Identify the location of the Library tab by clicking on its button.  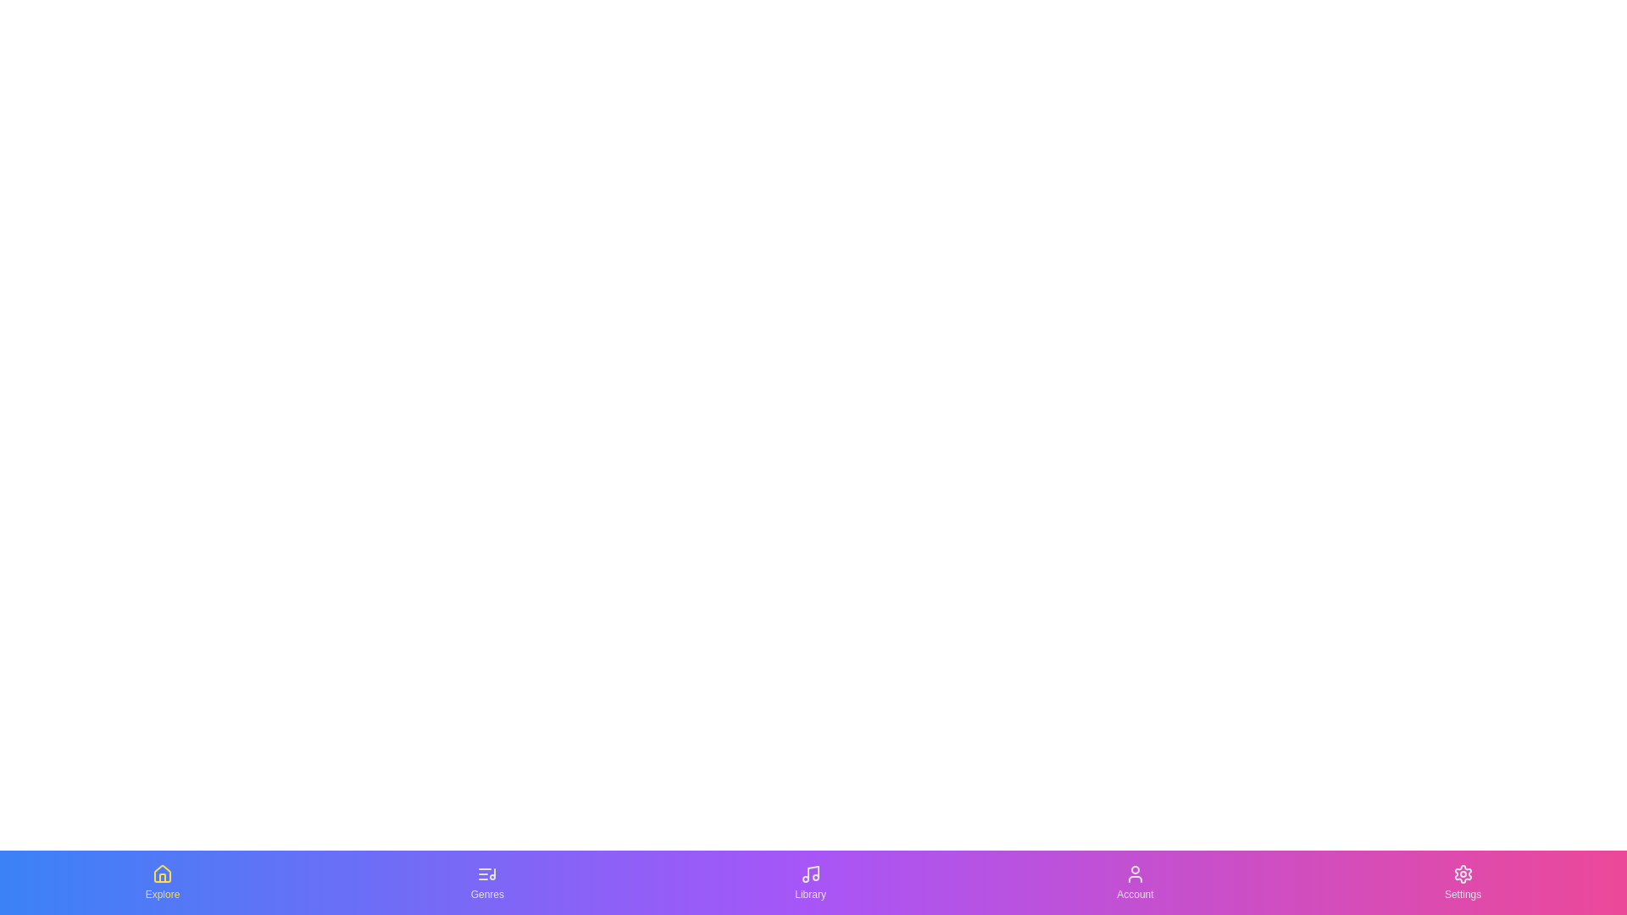
(809, 881).